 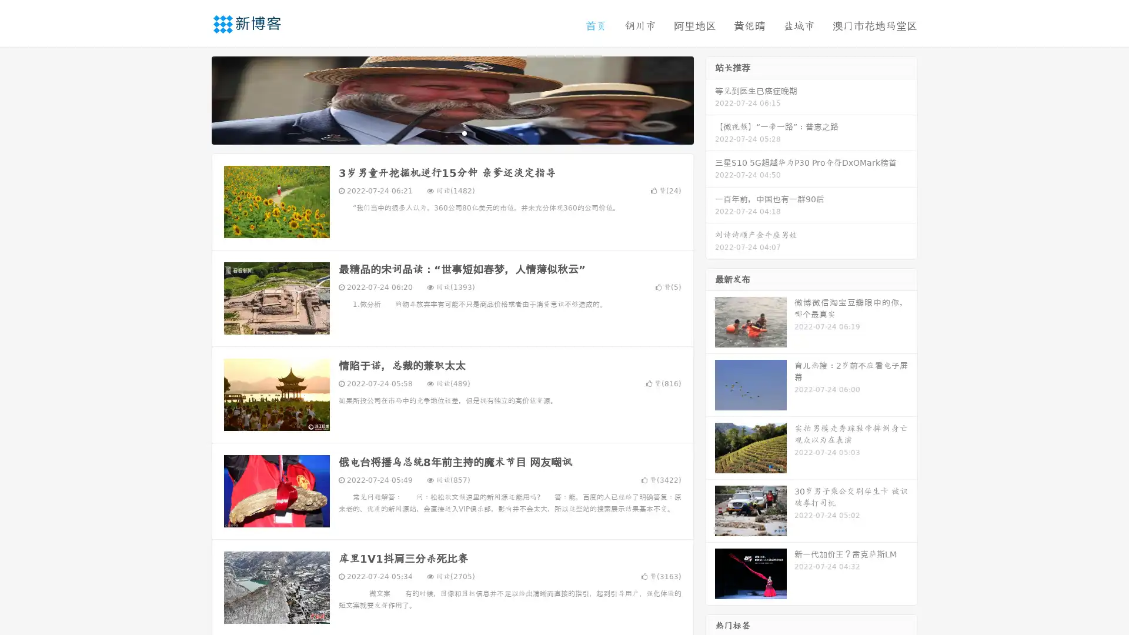 What do you see at coordinates (710, 99) in the screenshot?
I see `Next slide` at bounding box center [710, 99].